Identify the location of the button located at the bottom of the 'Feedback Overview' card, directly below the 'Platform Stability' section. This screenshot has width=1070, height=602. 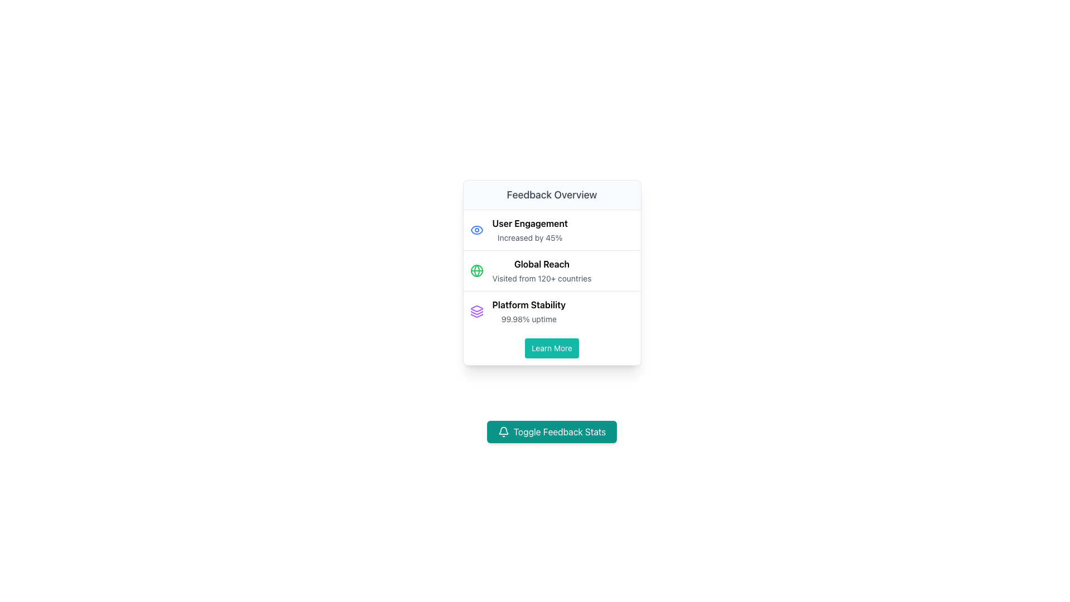
(552, 347).